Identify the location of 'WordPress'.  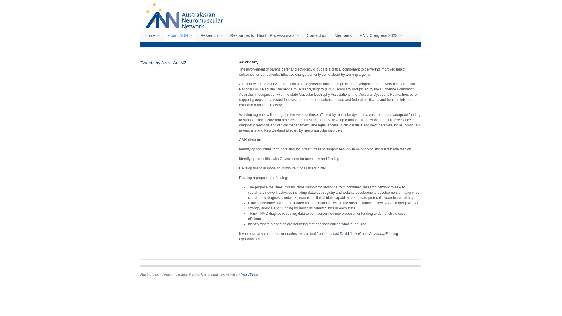
(250, 274).